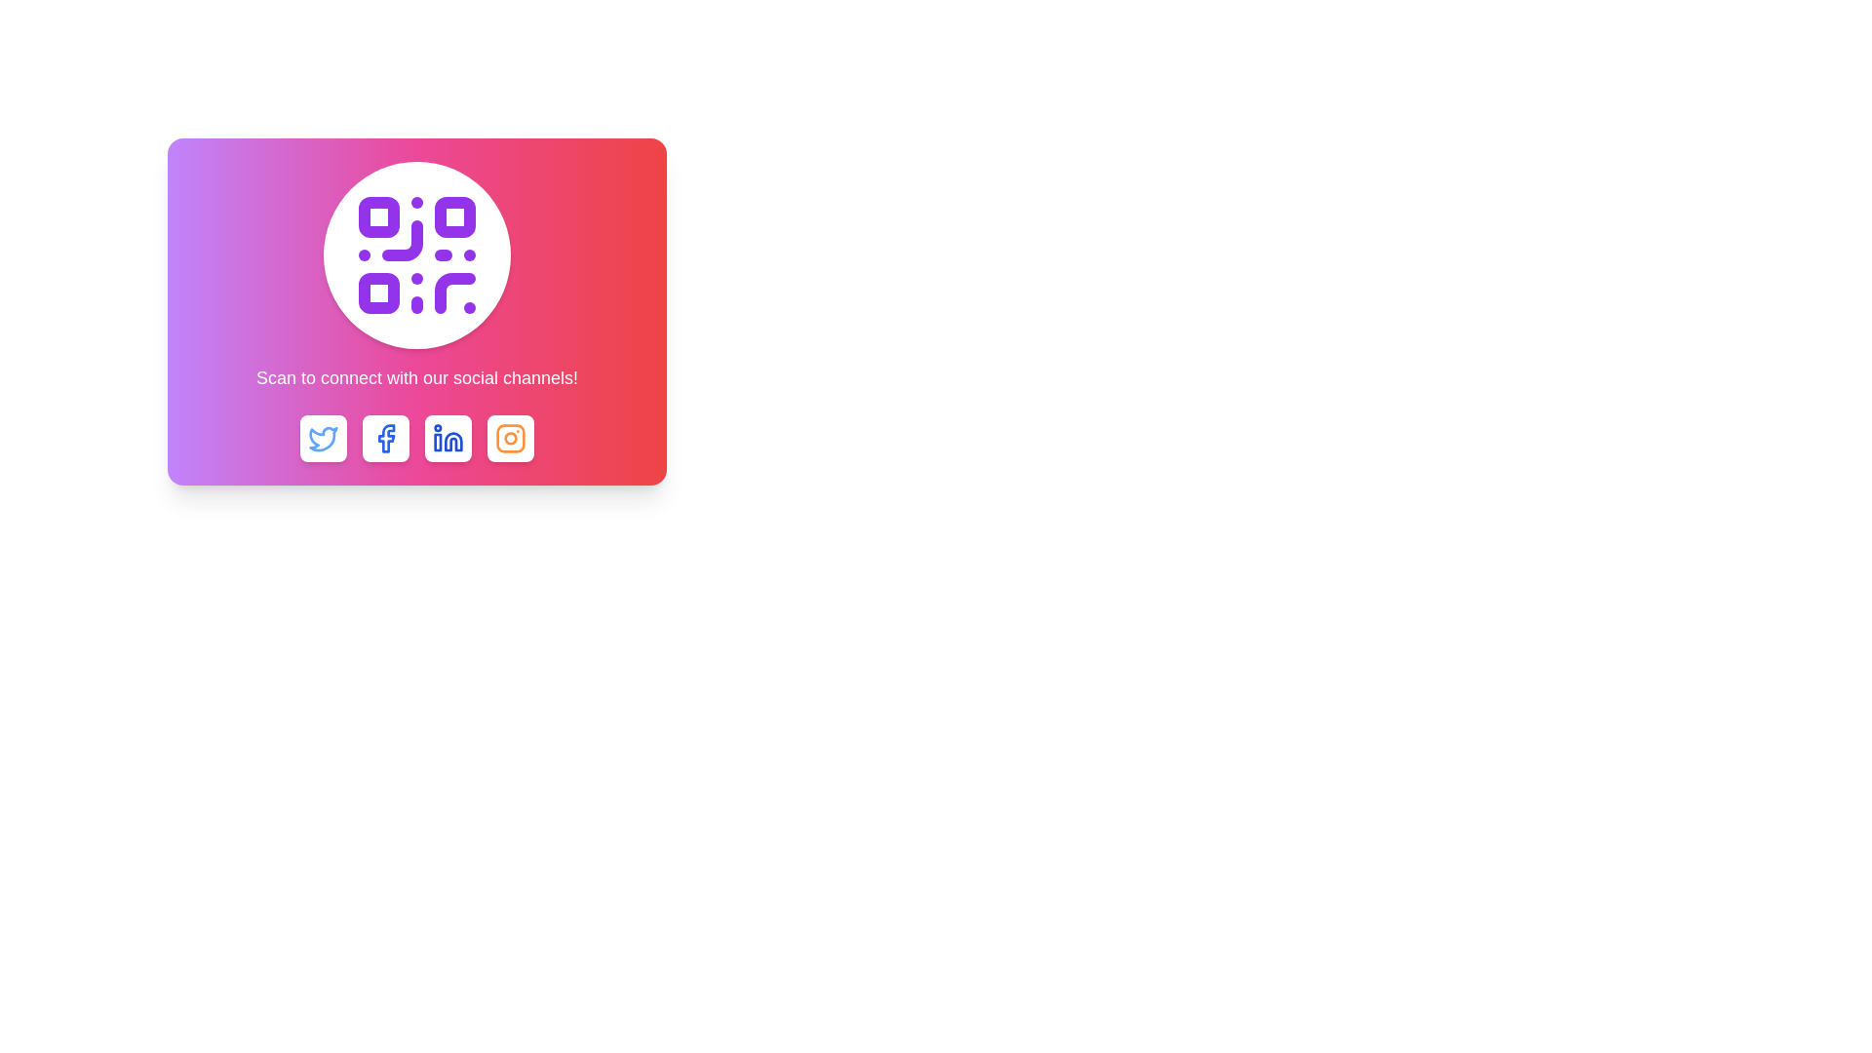 Image resolution: width=1872 pixels, height=1053 pixels. I want to click on the orange-colored Instagram icon with a camera graphic, so click(510, 439).